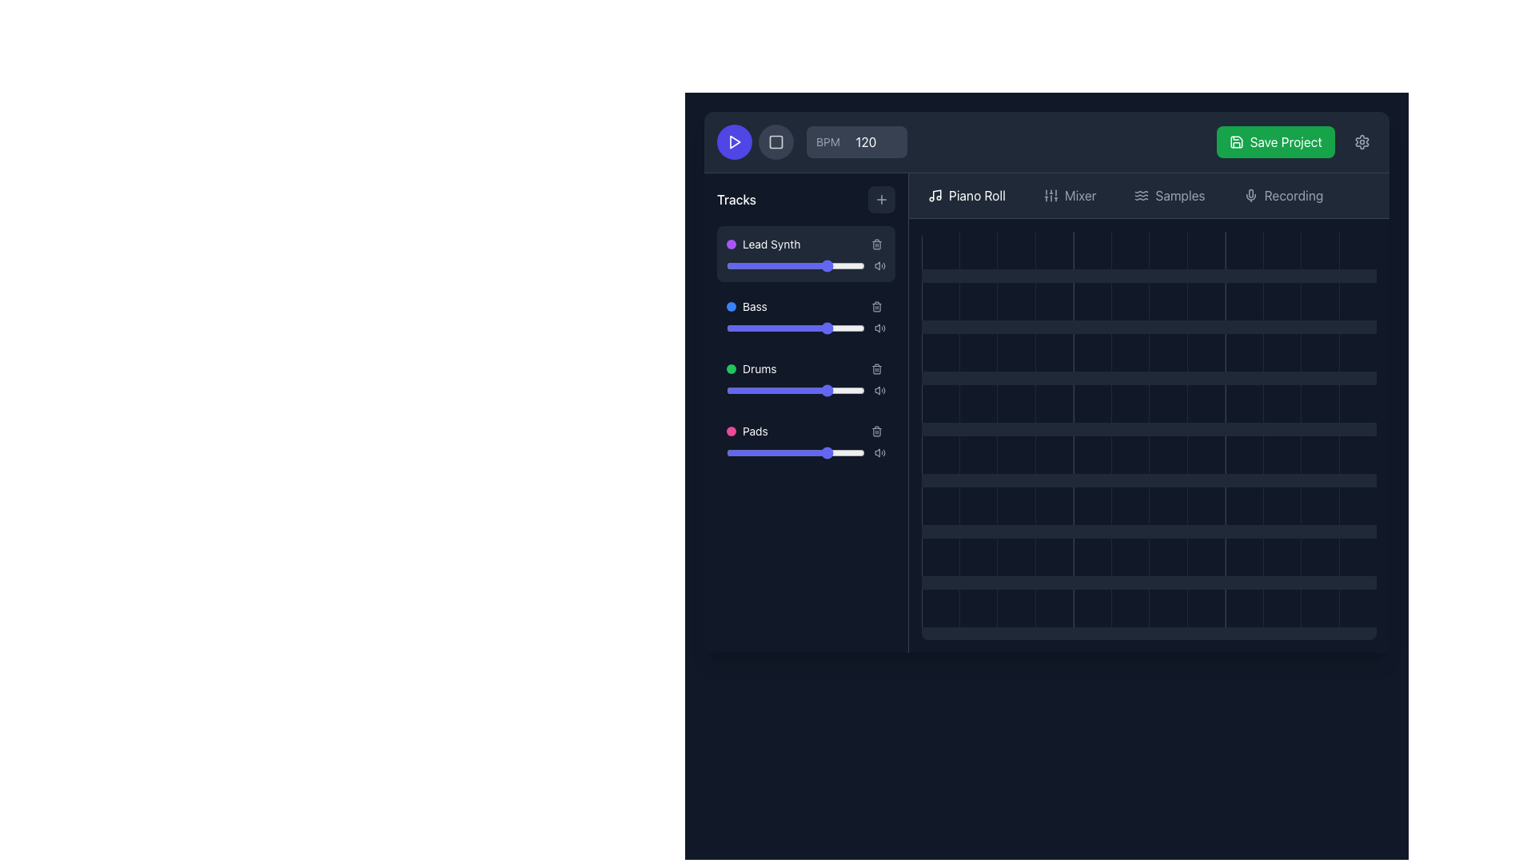 The image size is (1535, 863). Describe the element at coordinates (1206, 403) in the screenshot. I see `the grid cell located in the fourth row and eighth column of the digital audio sequence editor` at that location.